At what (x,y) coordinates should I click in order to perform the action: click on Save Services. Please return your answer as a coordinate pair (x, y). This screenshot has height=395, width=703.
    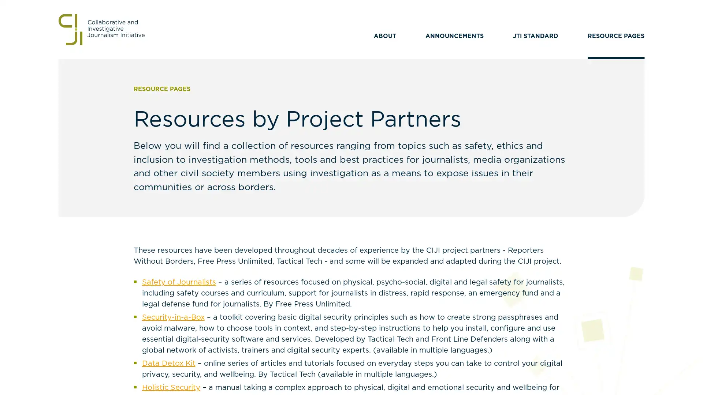
    Looking at the image, I should click on (279, 248).